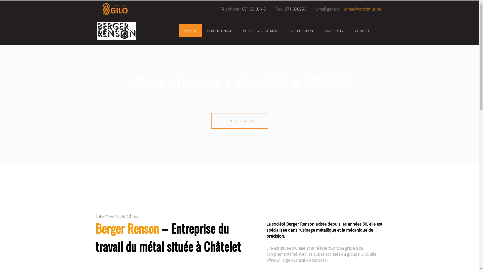  Describe the element at coordinates (291, 31) in the screenshot. I see `'CERTIFICATION'` at that location.